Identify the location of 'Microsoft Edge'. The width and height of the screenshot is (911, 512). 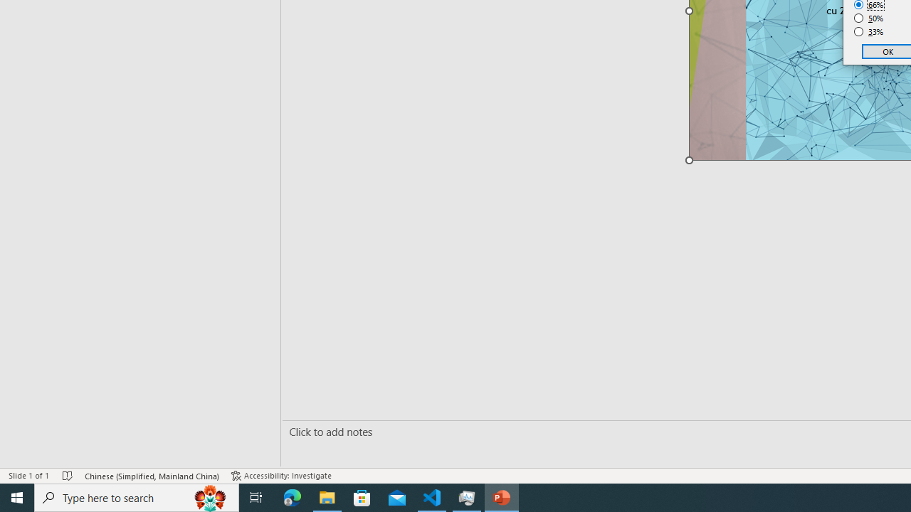
(292, 496).